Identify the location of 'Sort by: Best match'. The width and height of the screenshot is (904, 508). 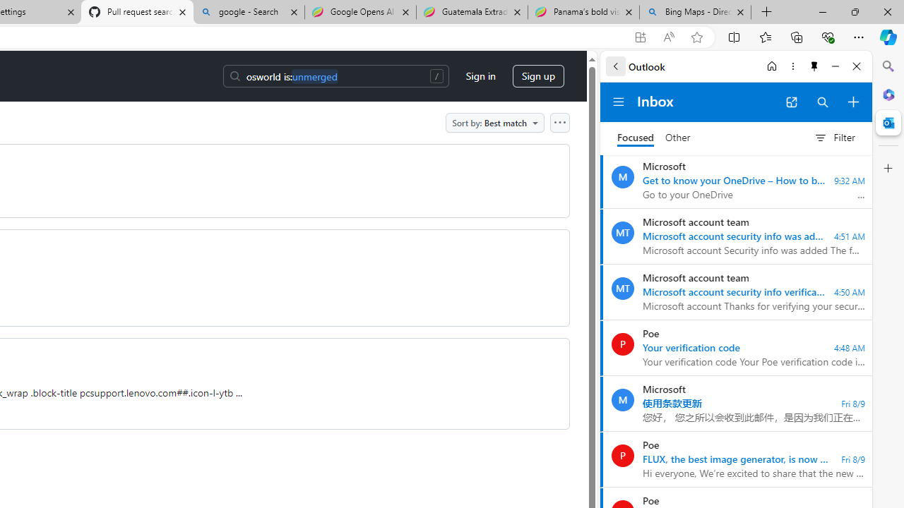
(494, 121).